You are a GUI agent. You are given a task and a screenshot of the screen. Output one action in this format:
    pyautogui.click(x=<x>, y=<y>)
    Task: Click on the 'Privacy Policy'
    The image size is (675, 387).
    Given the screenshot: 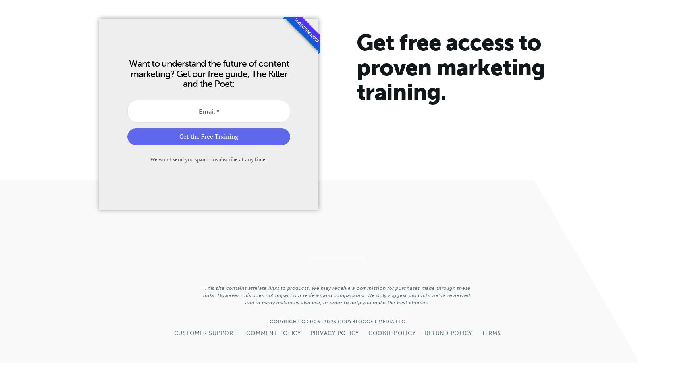 What is the action you would take?
    pyautogui.click(x=309, y=333)
    